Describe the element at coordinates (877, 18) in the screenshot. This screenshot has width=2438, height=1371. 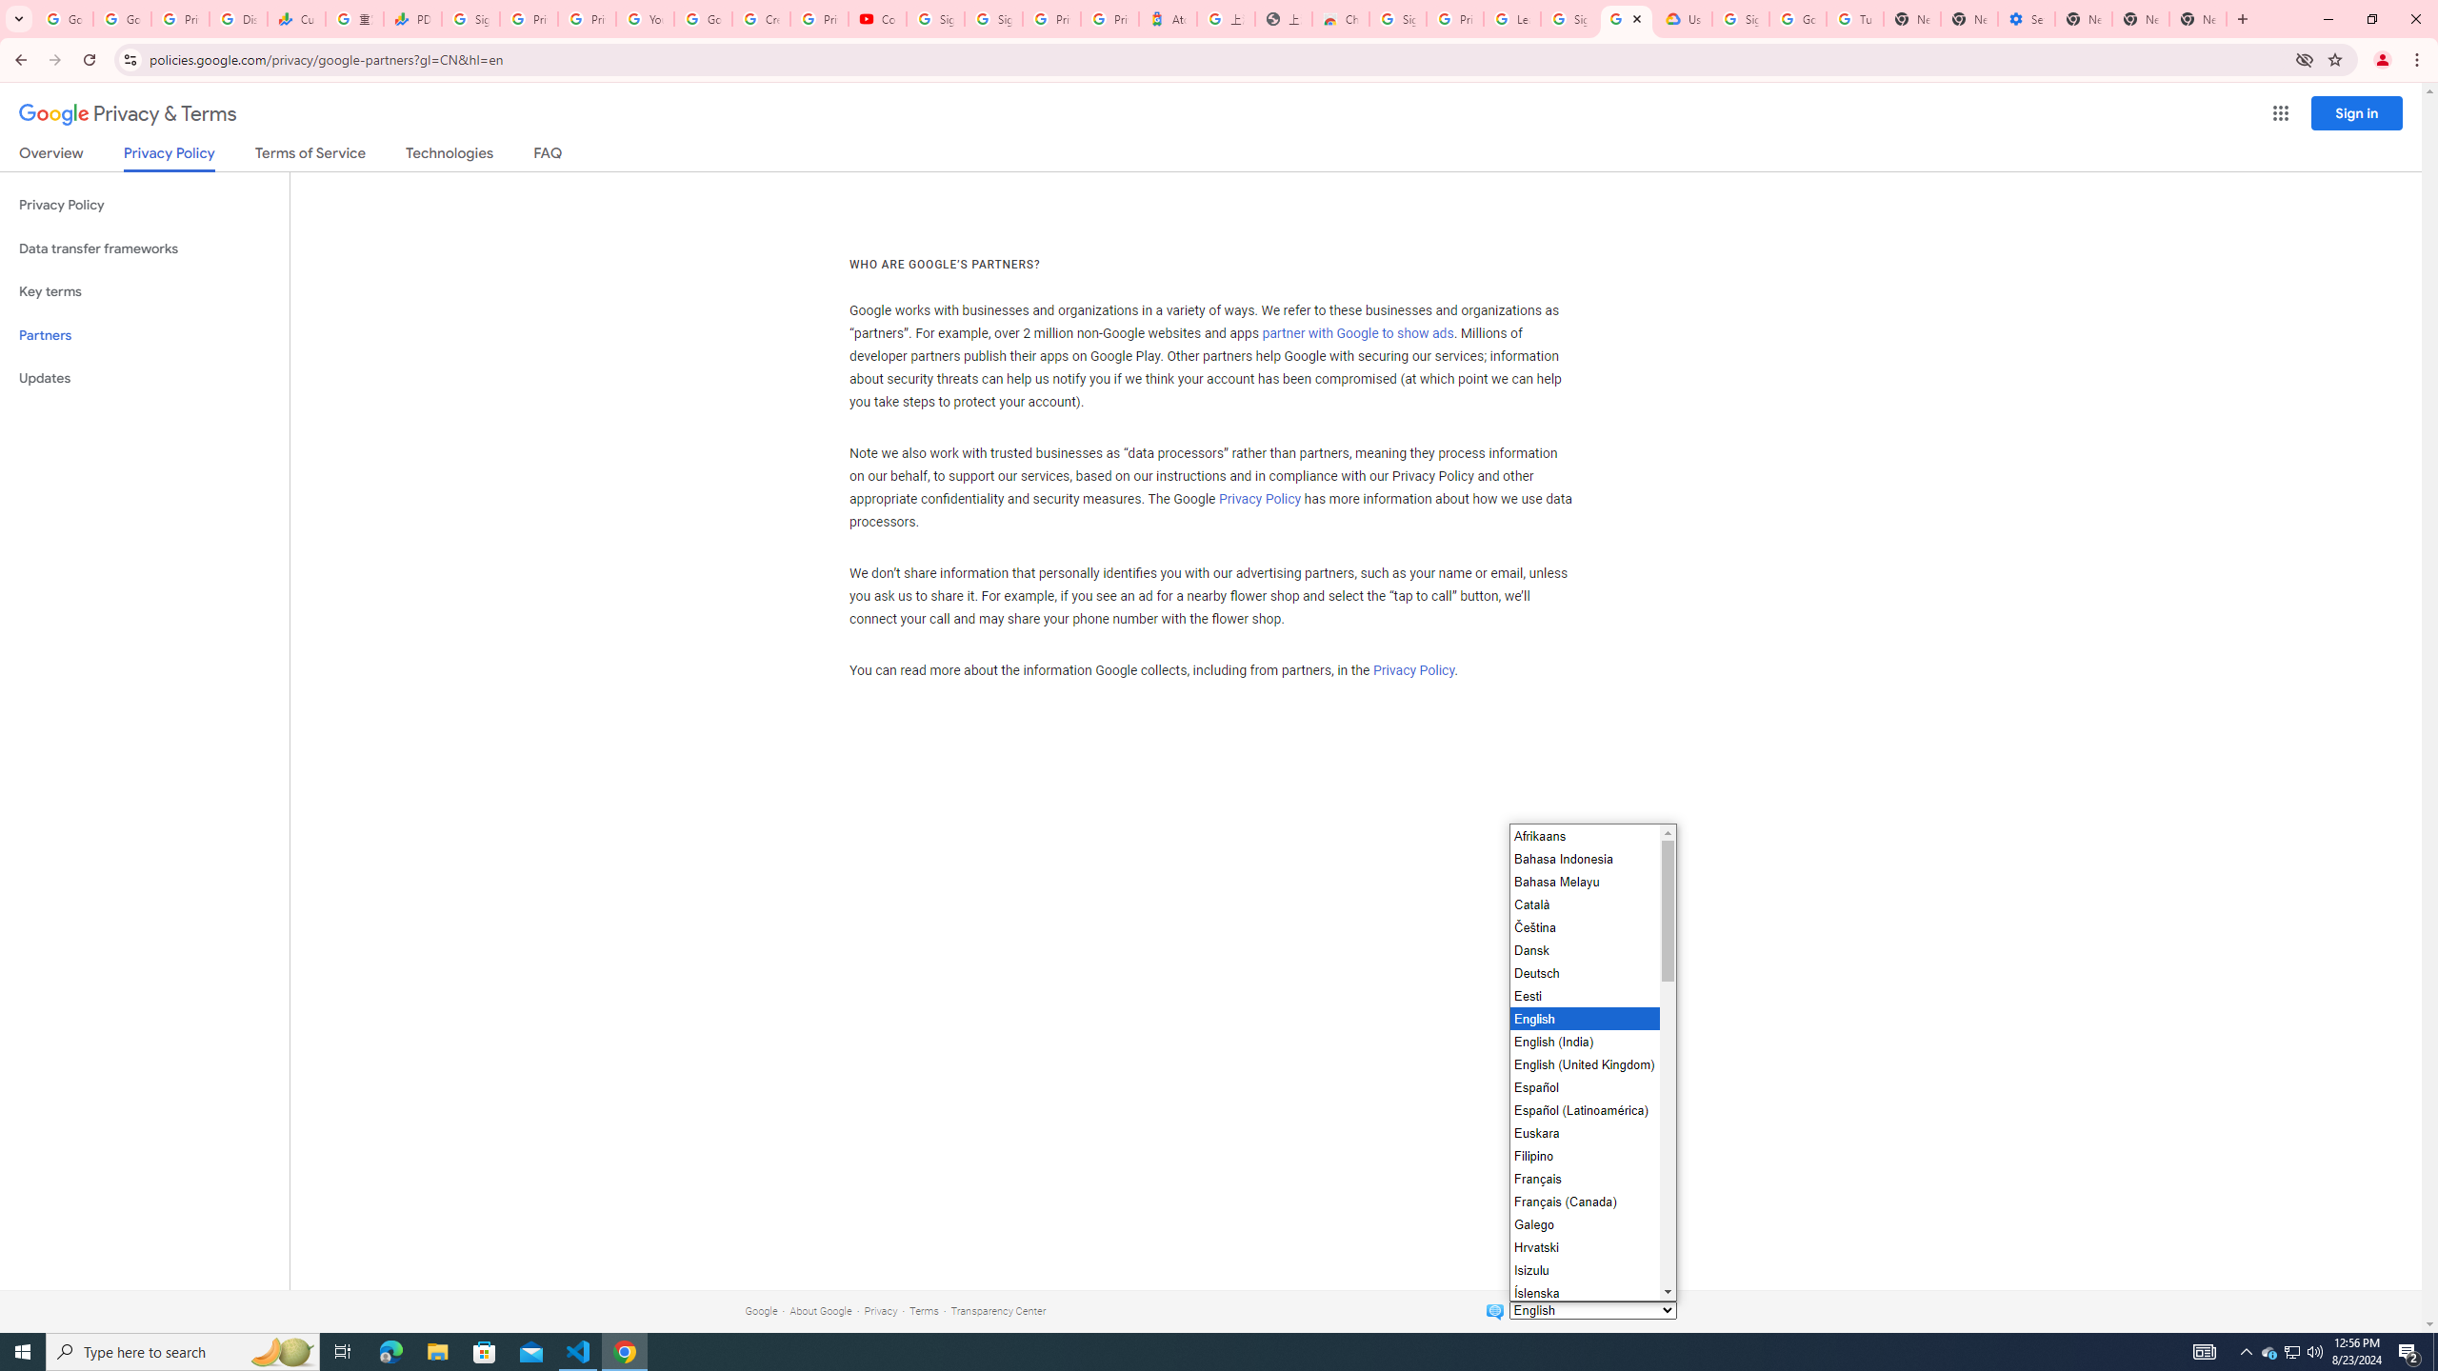
I see `'Content Creator Programs & Opportunities - YouTube Creators'` at that location.